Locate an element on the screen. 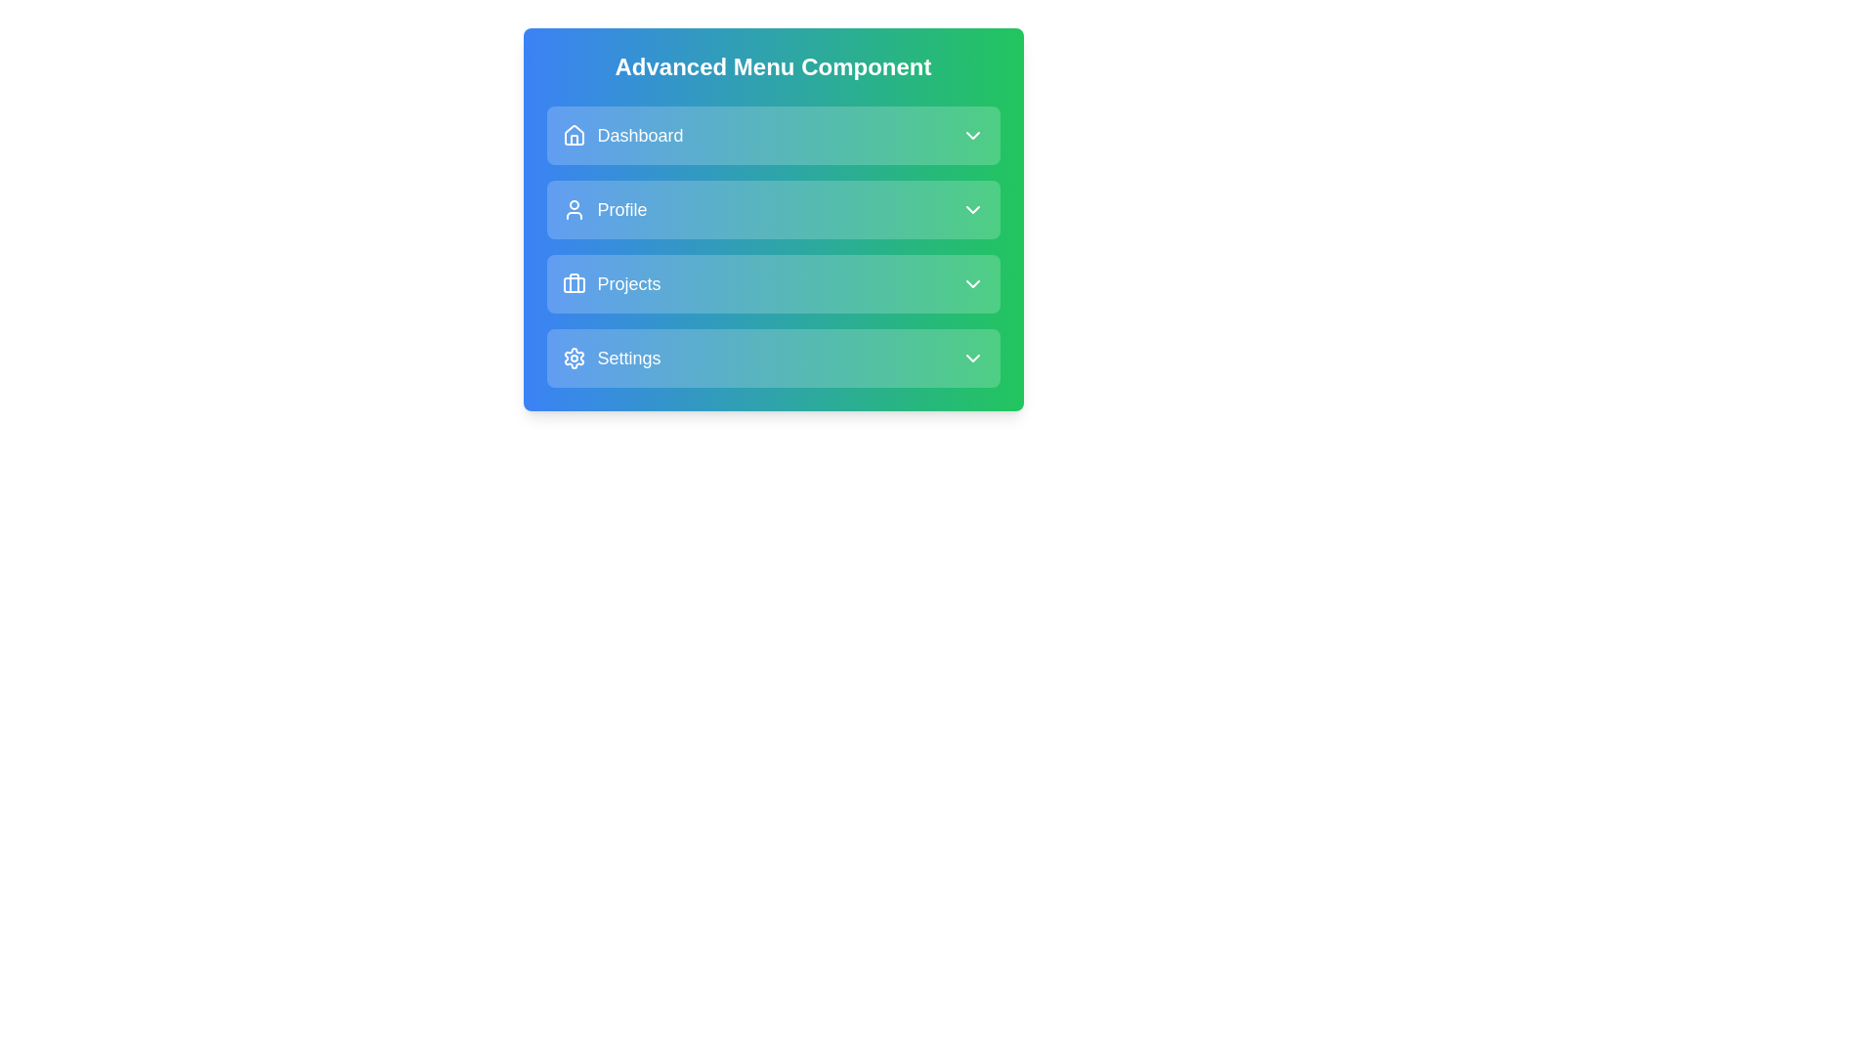 The height and width of the screenshot is (1055, 1876). the dropdown toggle icon located to the right of the 'Dashboard' text is located at coordinates (972, 134).